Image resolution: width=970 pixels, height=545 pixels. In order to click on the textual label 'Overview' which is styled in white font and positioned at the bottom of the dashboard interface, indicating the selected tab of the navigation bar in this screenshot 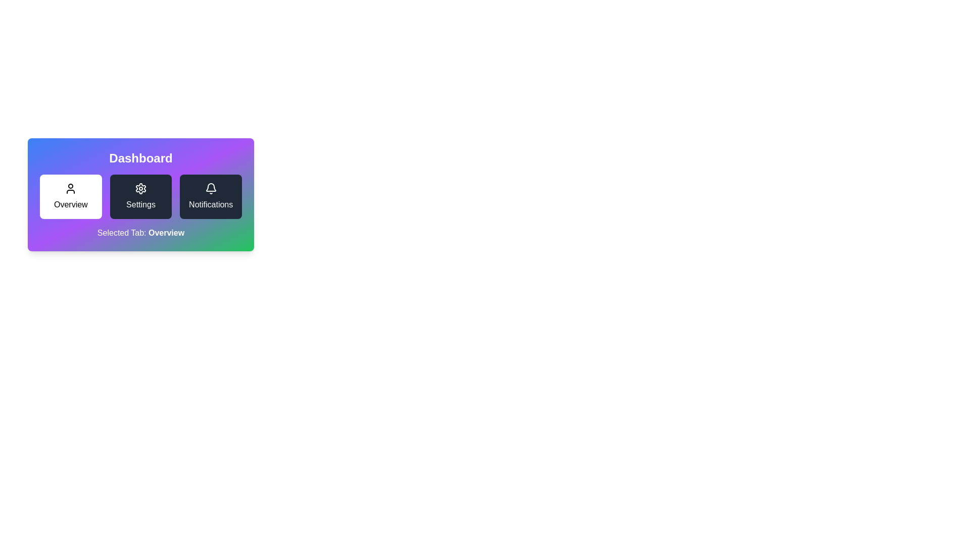, I will do `click(166, 233)`.